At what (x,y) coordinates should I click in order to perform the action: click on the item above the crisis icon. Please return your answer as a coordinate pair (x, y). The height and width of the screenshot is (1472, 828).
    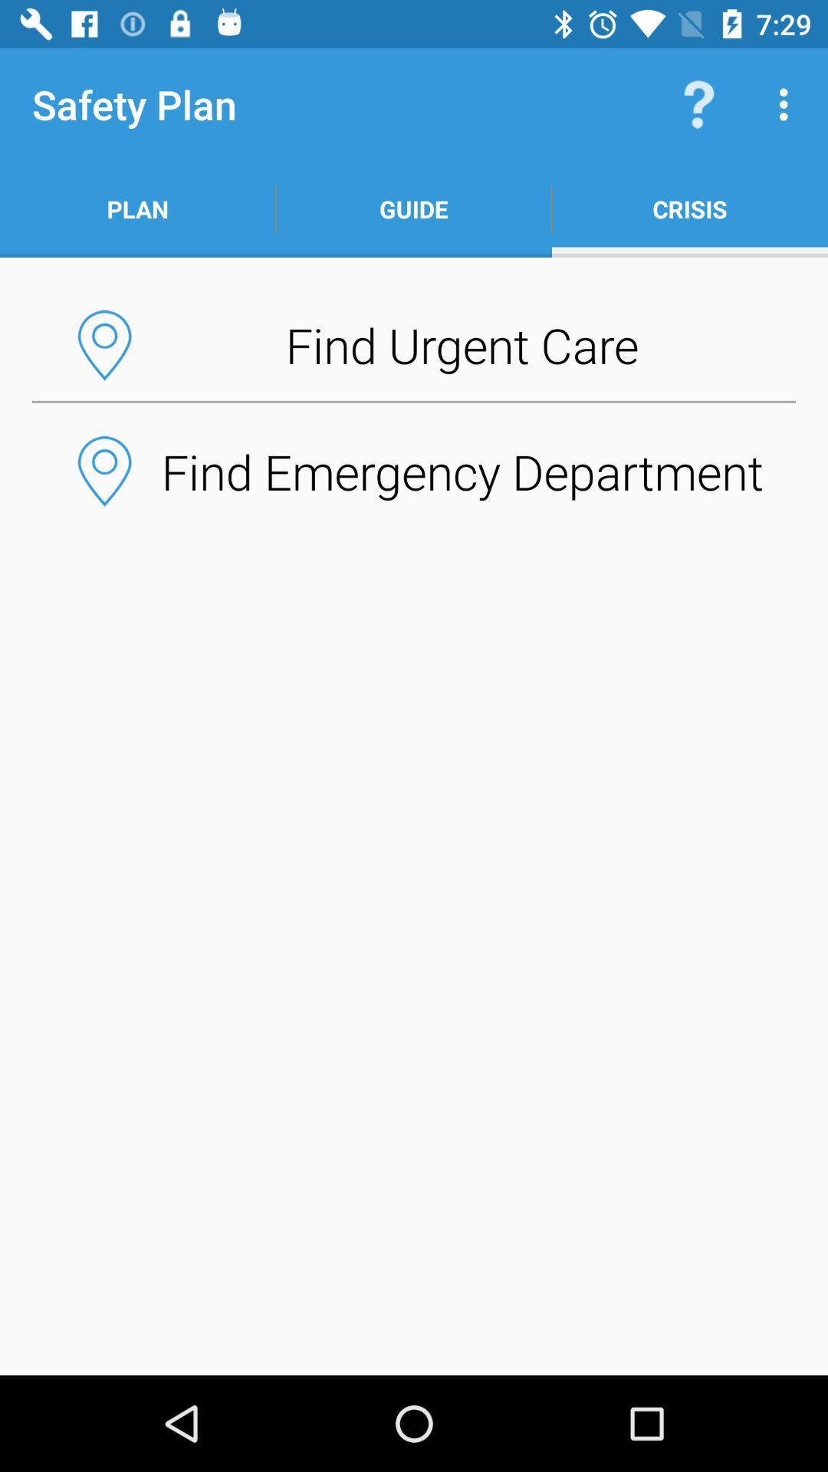
    Looking at the image, I should click on (698, 103).